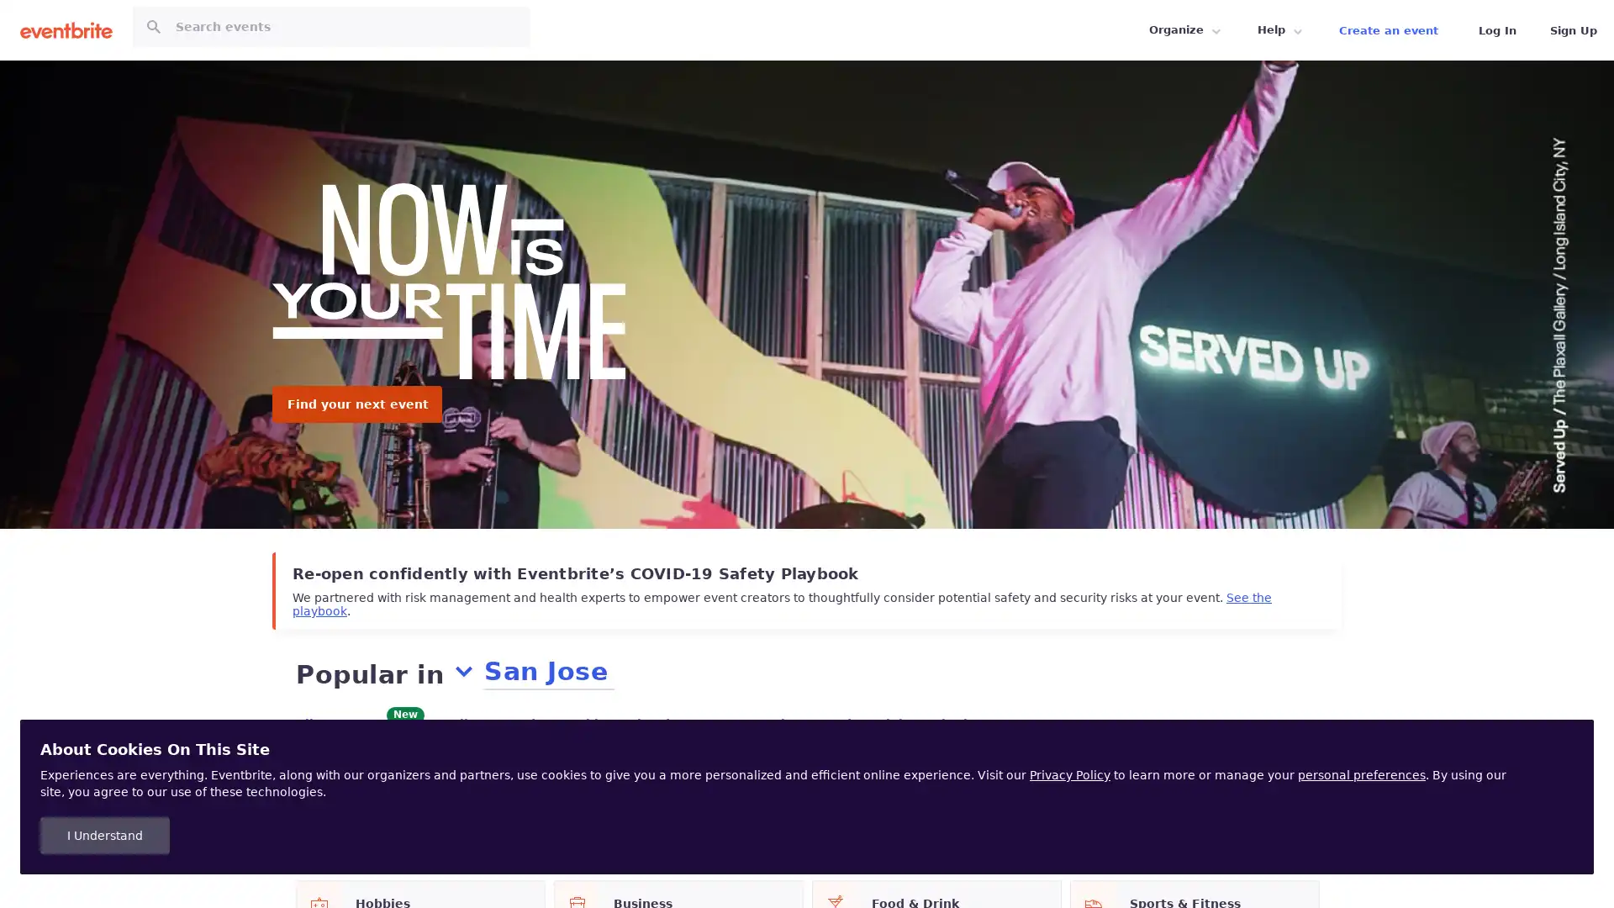 Image resolution: width=1614 pixels, height=908 pixels. Describe the element at coordinates (772, 722) in the screenshot. I see `Music` at that location.